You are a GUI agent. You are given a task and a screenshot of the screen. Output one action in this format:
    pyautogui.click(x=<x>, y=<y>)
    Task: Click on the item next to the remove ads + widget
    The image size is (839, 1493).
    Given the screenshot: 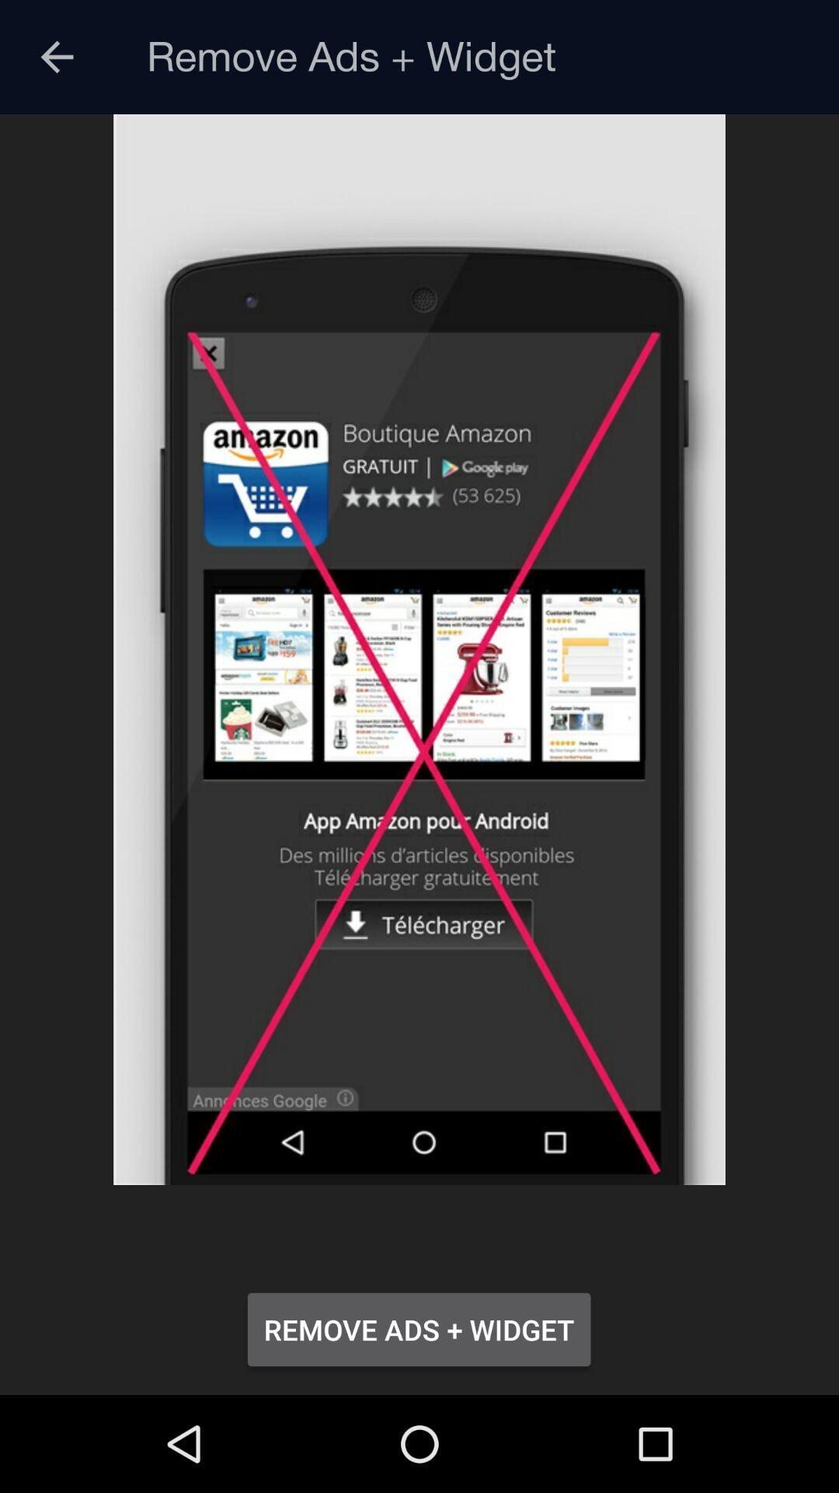 What is the action you would take?
    pyautogui.click(x=56, y=57)
    